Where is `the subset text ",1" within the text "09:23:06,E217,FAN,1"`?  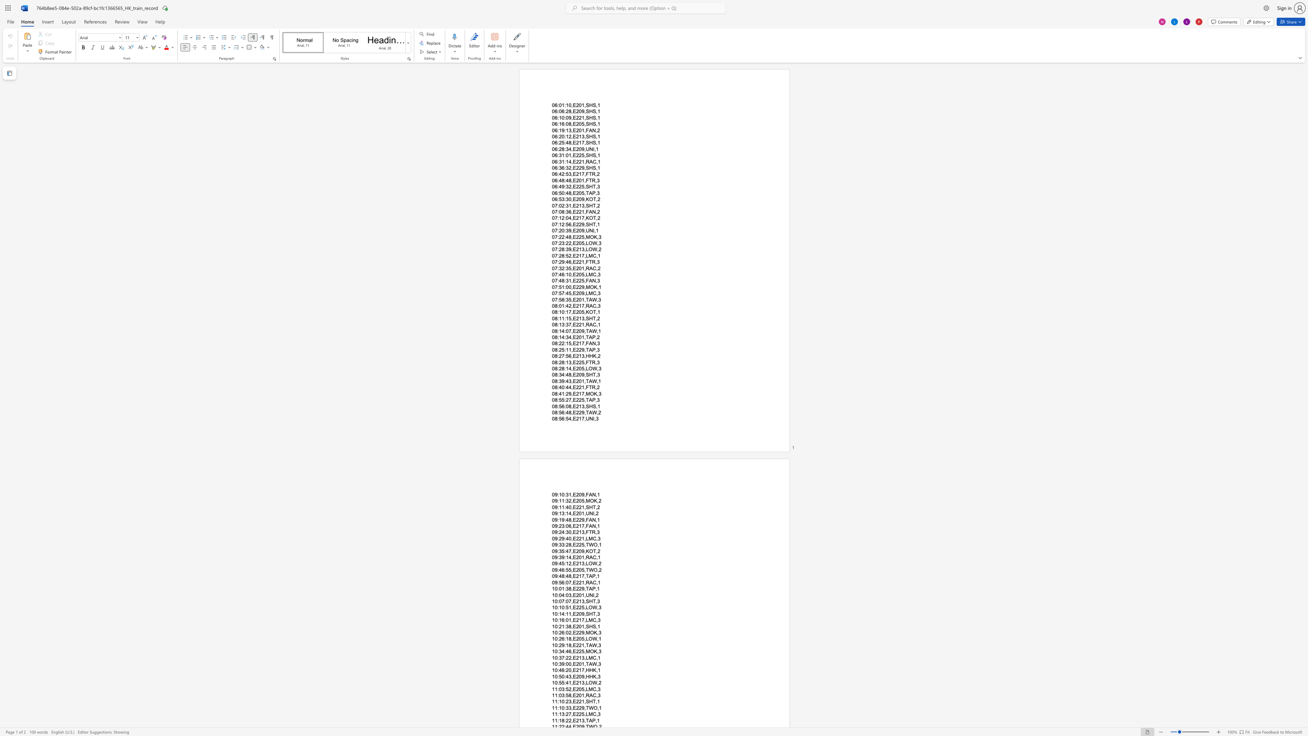
the subset text ",1" within the text "09:23:06,E217,FAN,1" is located at coordinates (595, 526).